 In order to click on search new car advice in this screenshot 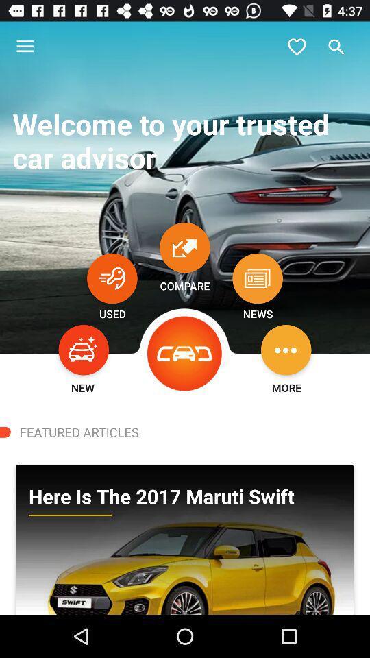, I will do `click(84, 349)`.